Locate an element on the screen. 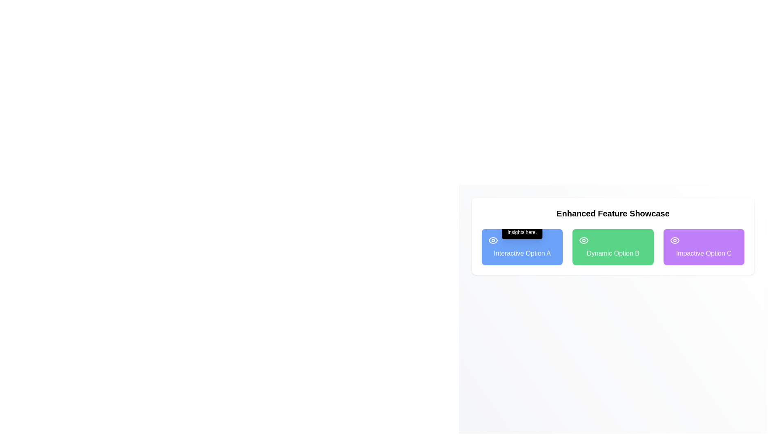  the eye icon located in the 'Impactive Option C' card under 'Enhanced Feature Showcase' is located at coordinates (675, 240).